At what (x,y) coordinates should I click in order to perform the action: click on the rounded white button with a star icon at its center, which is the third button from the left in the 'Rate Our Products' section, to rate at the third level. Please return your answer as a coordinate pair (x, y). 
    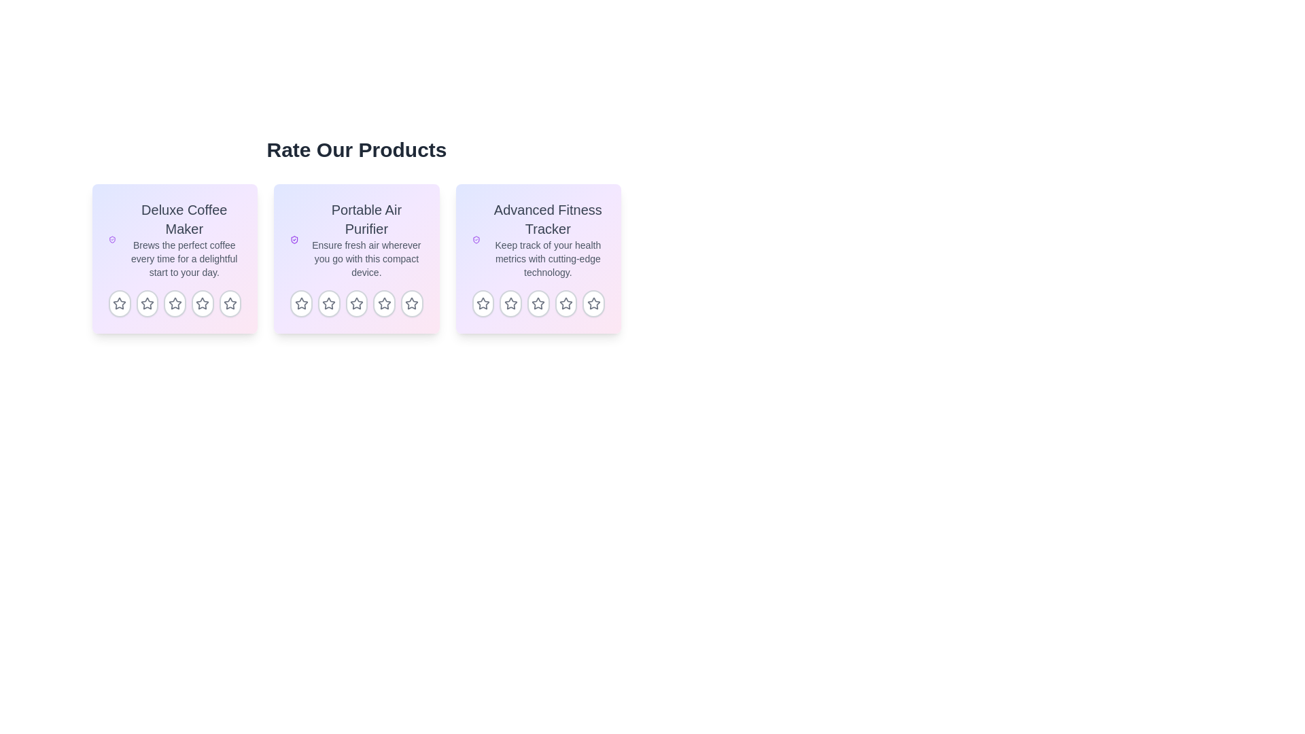
    Looking at the image, I should click on (538, 303).